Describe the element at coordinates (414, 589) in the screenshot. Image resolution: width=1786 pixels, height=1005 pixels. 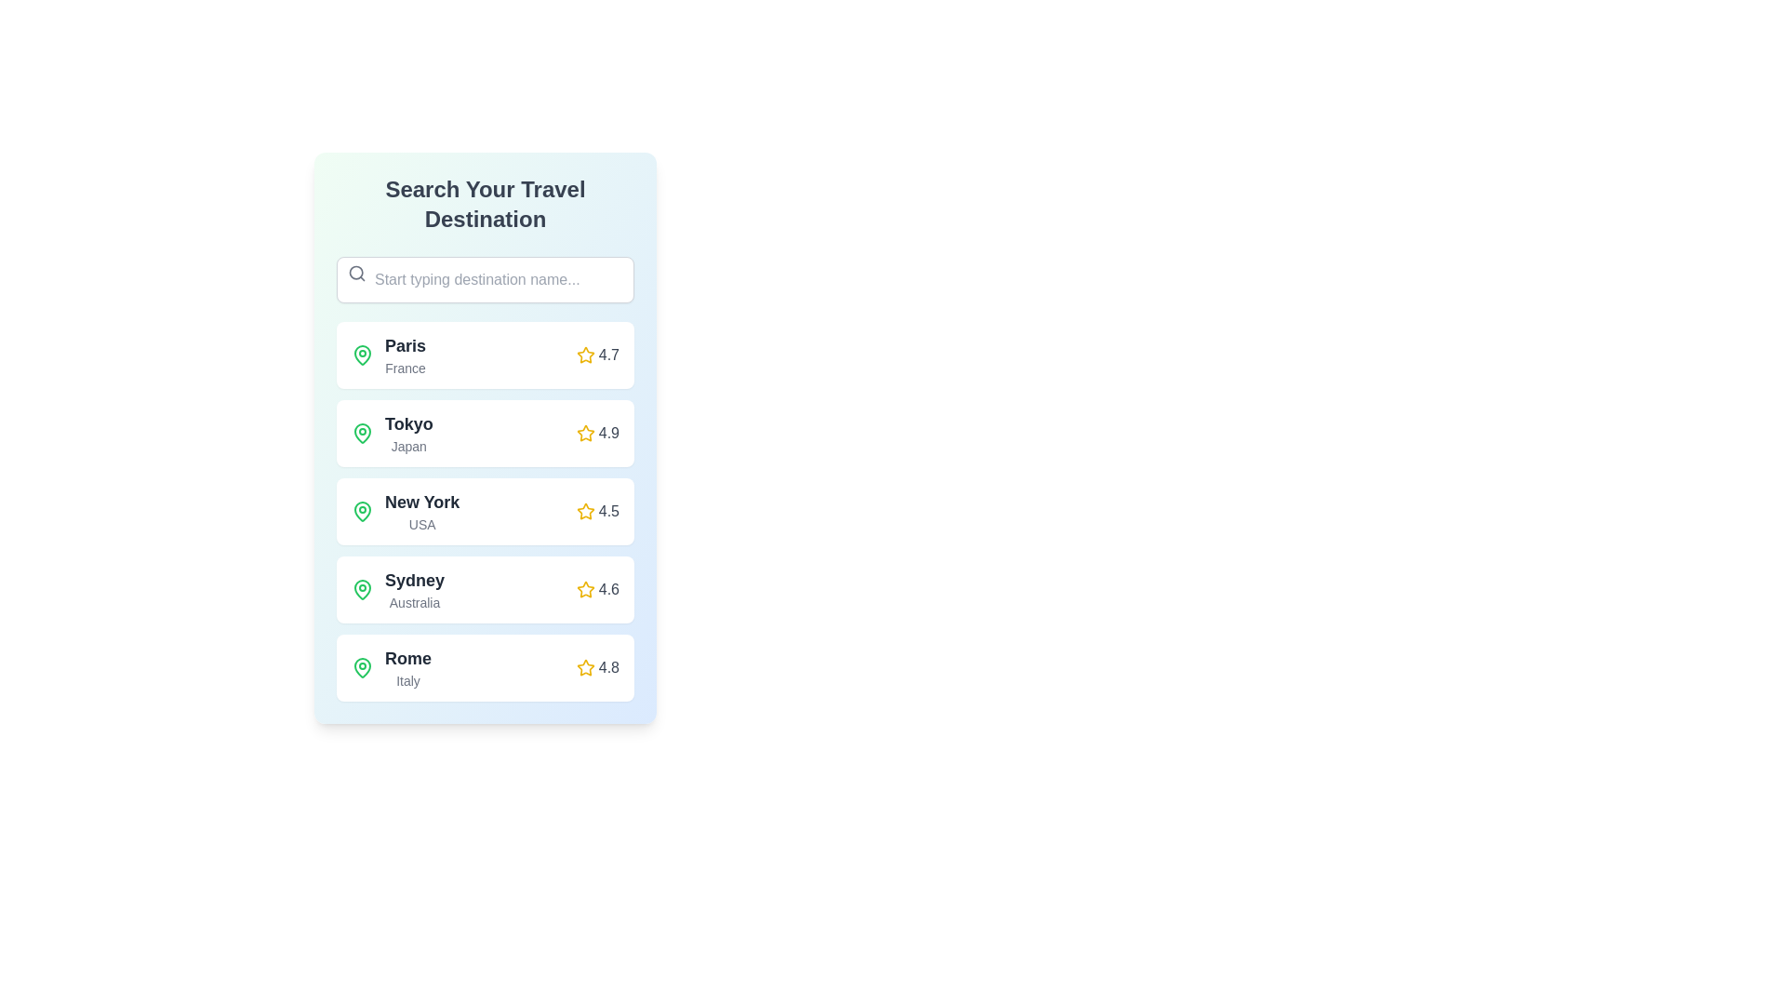
I see `the text block displaying the name of a travel destination, which is the fourth entry in a vertical list, located between 'New York, USA' and 'Rome, Italy'` at that location.